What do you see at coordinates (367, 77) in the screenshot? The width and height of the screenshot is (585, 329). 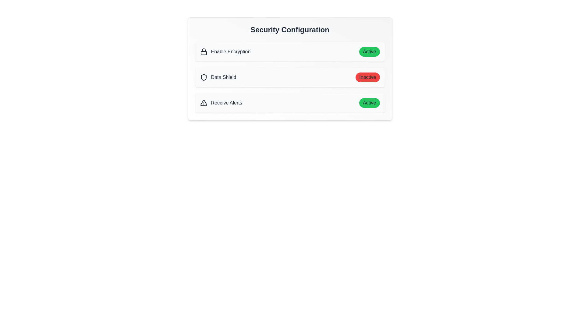 I see `the second status indicator button in the 'Security Configuration' section, which indicates the 'Data Shield' option as 'Inactive'` at bounding box center [367, 77].